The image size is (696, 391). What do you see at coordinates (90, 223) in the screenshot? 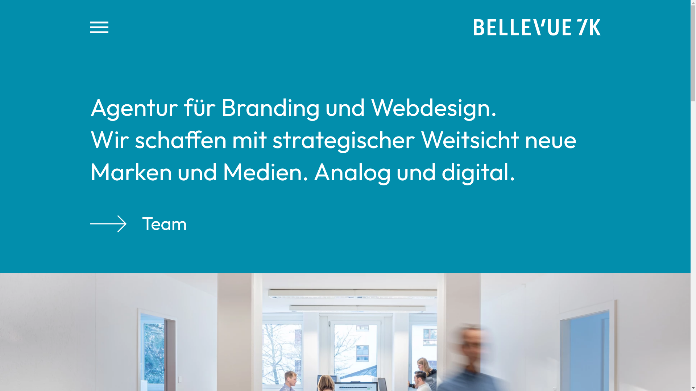
I see `'Team'` at bounding box center [90, 223].